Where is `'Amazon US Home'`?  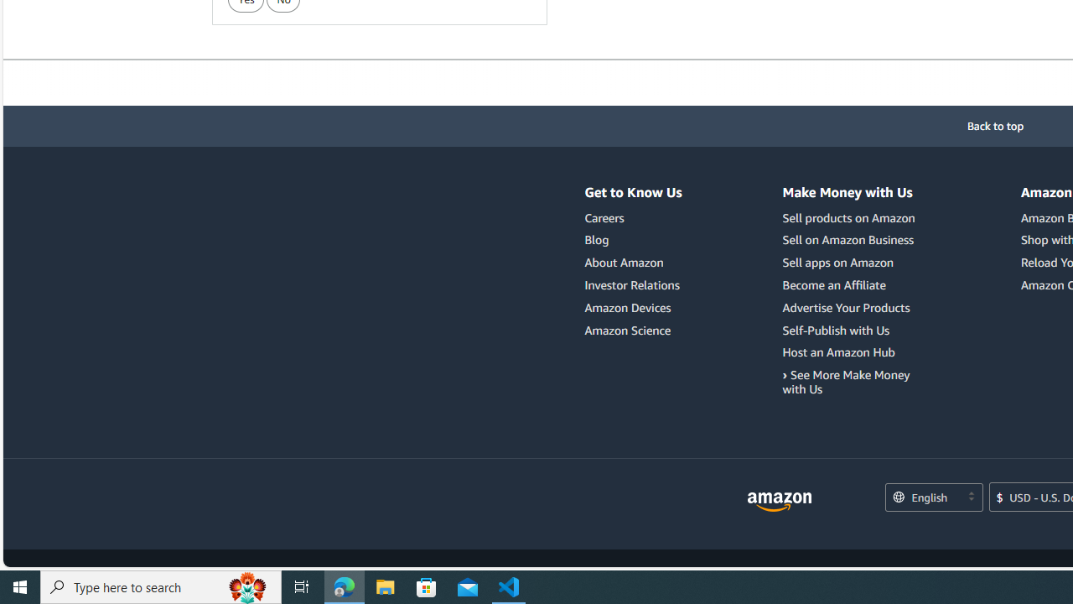 'Amazon US Home' is located at coordinates (779, 501).